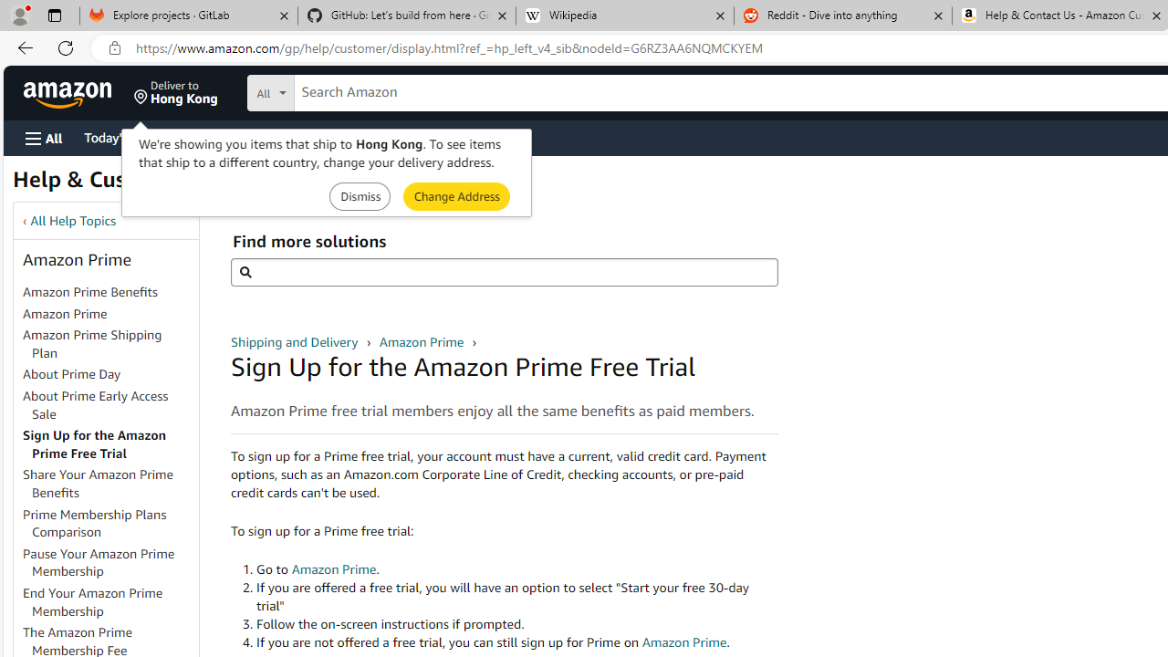  What do you see at coordinates (73, 220) in the screenshot?
I see `'All Help Topics'` at bounding box center [73, 220].